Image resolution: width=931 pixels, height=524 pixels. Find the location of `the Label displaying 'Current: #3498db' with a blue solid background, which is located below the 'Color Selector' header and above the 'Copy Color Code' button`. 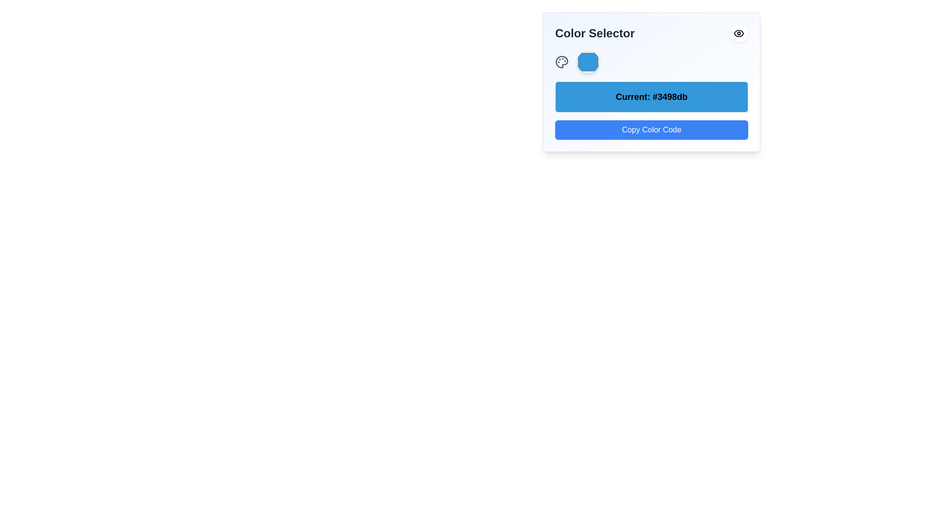

the Label displaying 'Current: #3498db' with a blue solid background, which is located below the 'Color Selector' header and above the 'Copy Color Code' button is located at coordinates (652, 82).